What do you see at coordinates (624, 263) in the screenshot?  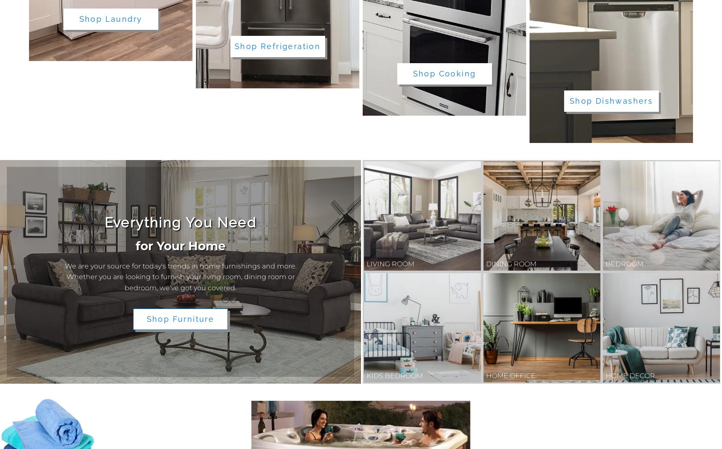 I see `'Bedroom'` at bounding box center [624, 263].